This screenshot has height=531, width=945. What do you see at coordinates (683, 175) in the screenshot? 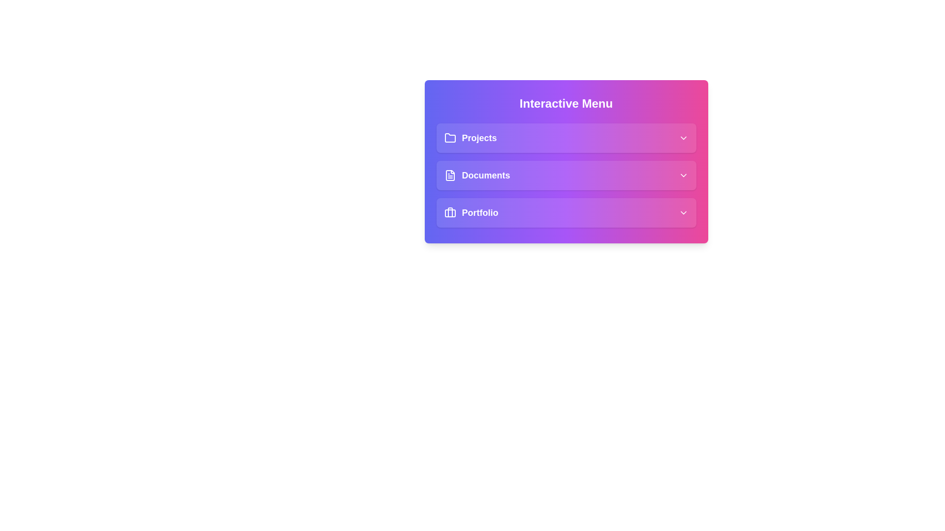
I see `the downward-pointing chevron icon in the 'Documents' row` at bounding box center [683, 175].